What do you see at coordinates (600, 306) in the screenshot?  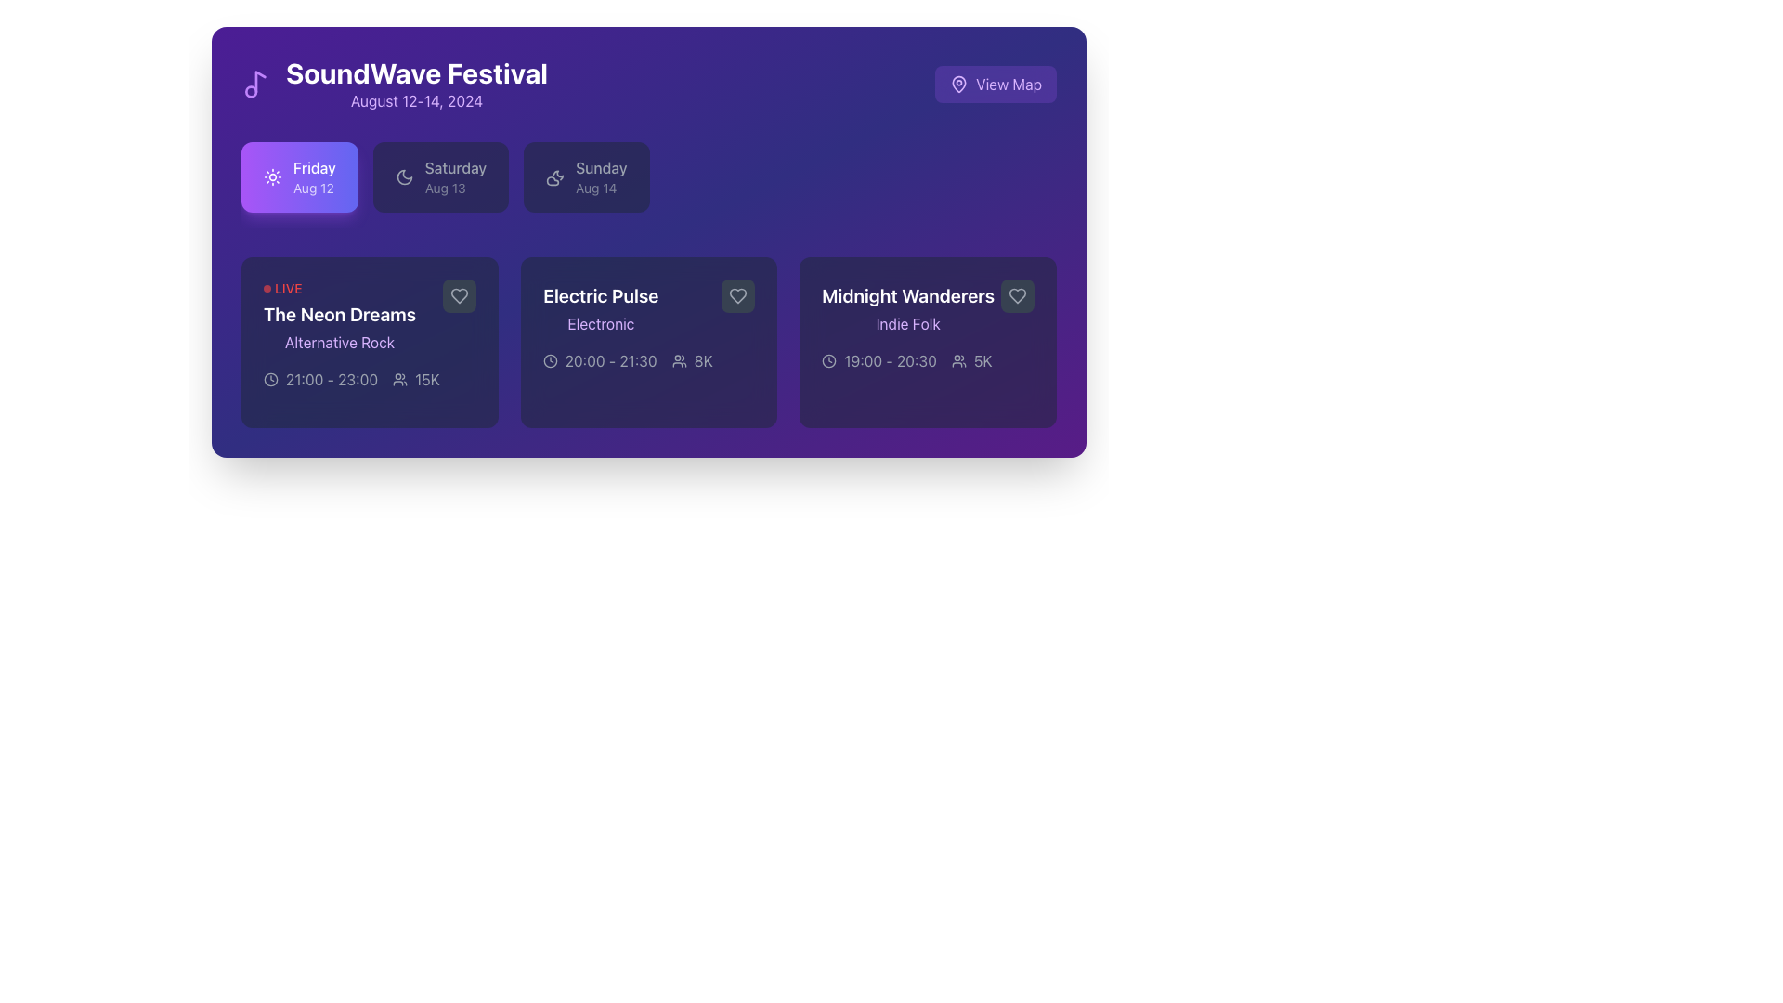 I see `the Text Display element that identifies the event 'Electric Pulse', which is located in the middle card of a three-card row display, positioned centrally between 'The Neon Dreams' and 'Midnight Wanderers'` at bounding box center [600, 306].